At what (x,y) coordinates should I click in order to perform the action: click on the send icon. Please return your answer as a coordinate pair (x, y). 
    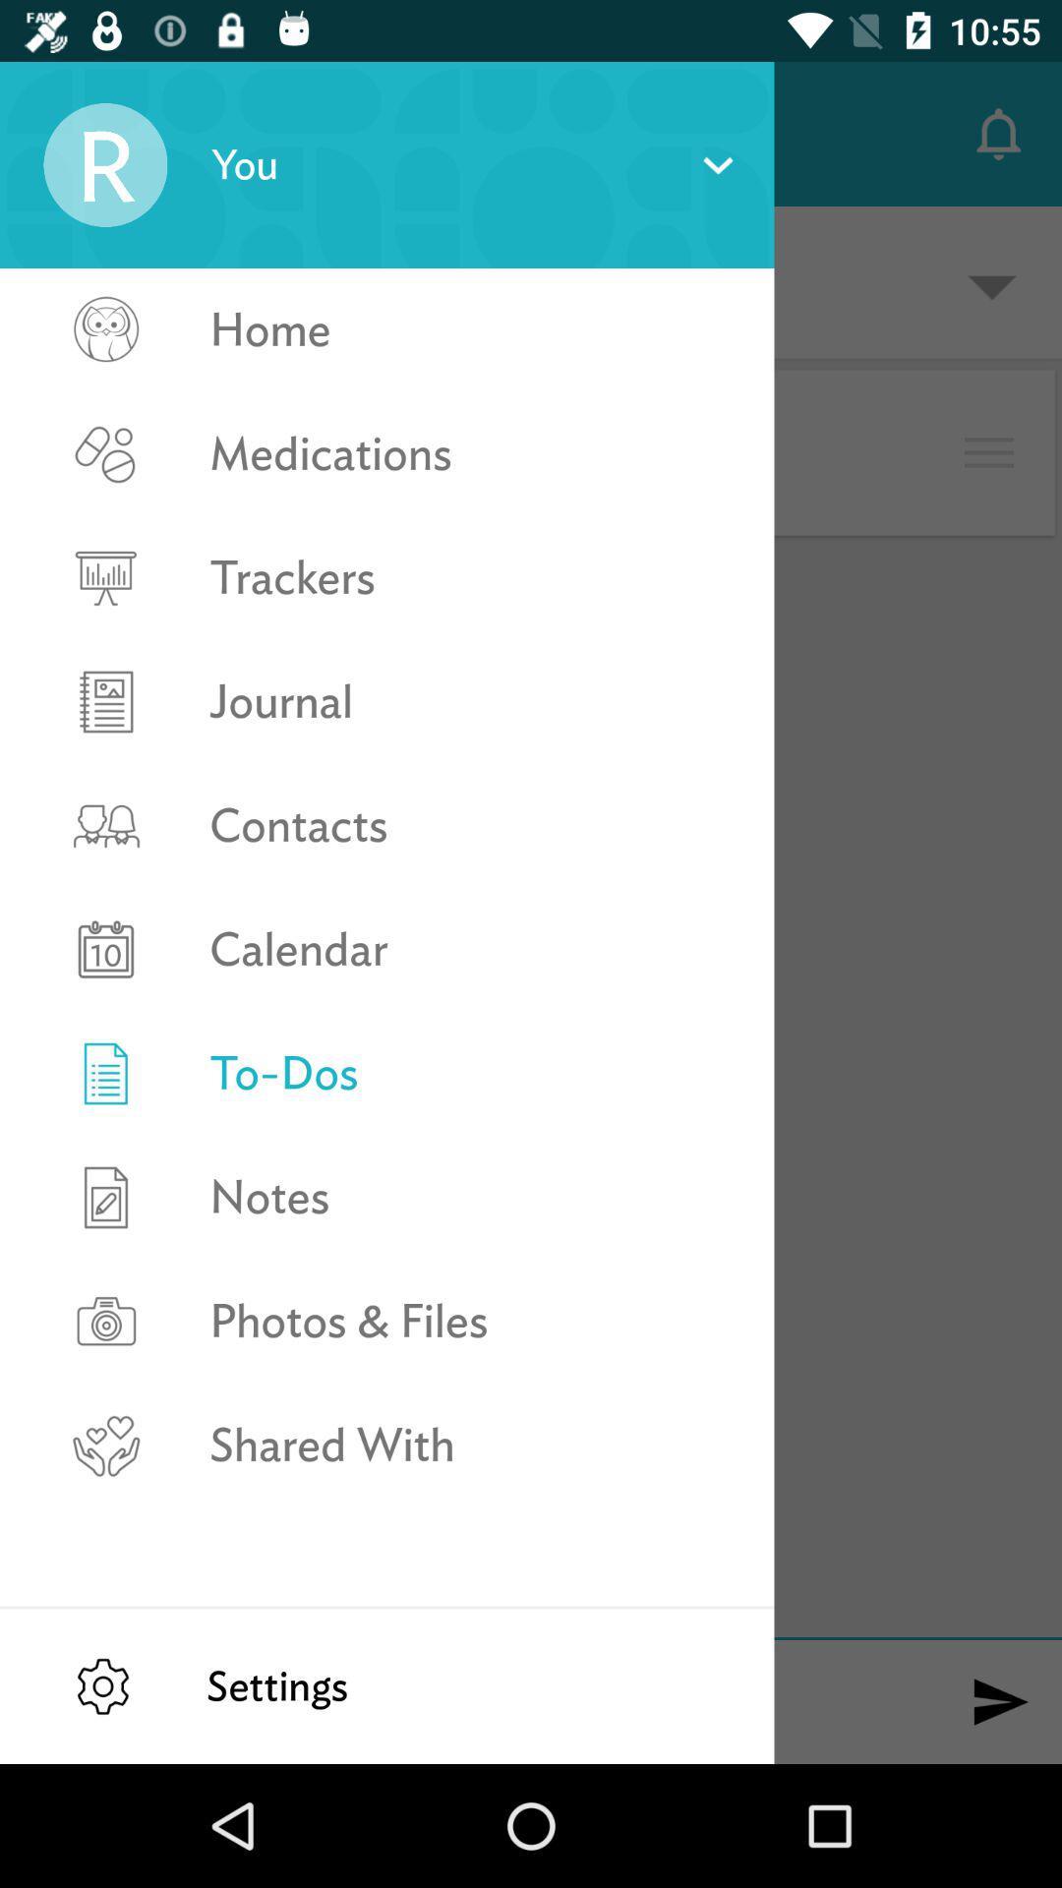
    Looking at the image, I should click on (1000, 1701).